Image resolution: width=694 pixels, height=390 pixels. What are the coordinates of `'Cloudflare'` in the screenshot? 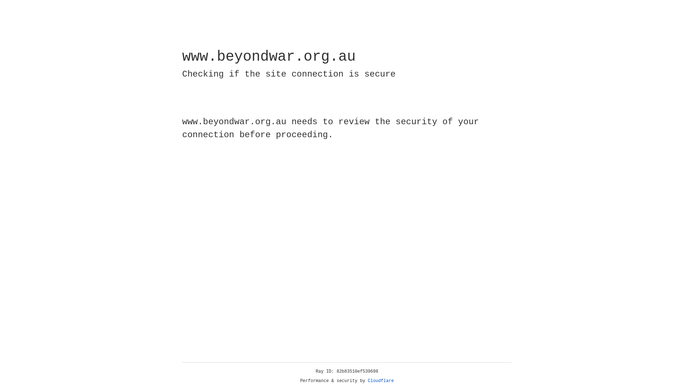 It's located at (381, 381).